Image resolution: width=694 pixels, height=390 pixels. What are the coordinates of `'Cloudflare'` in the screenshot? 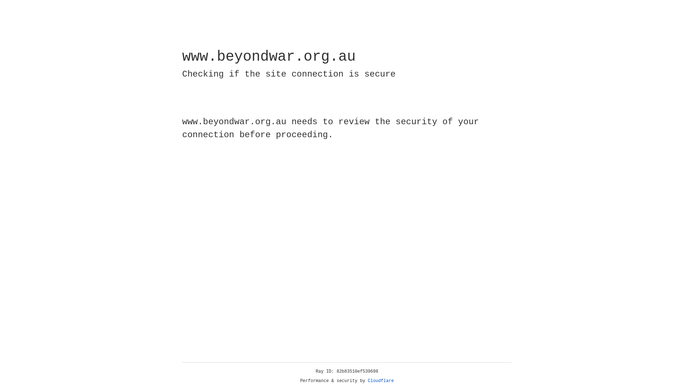 It's located at (381, 381).